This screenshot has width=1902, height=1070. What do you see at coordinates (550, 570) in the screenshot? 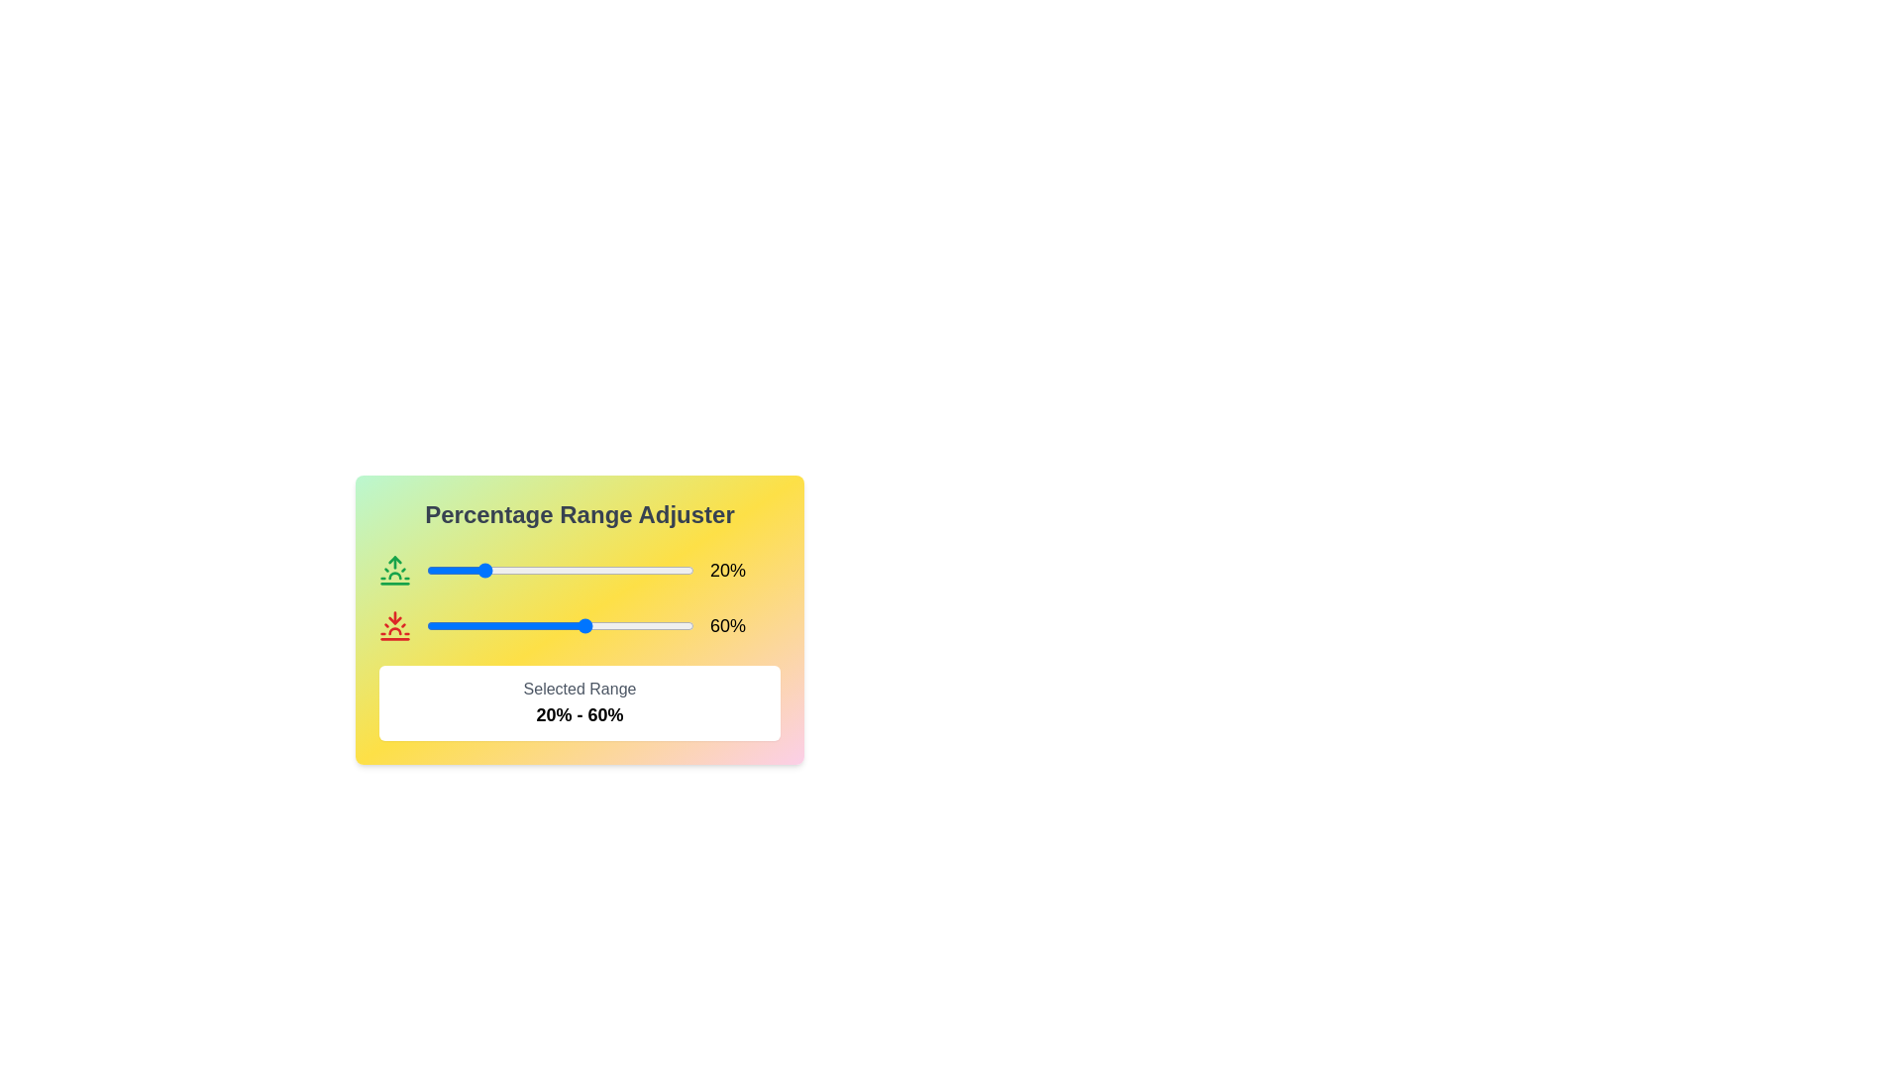
I see `the slider` at bounding box center [550, 570].